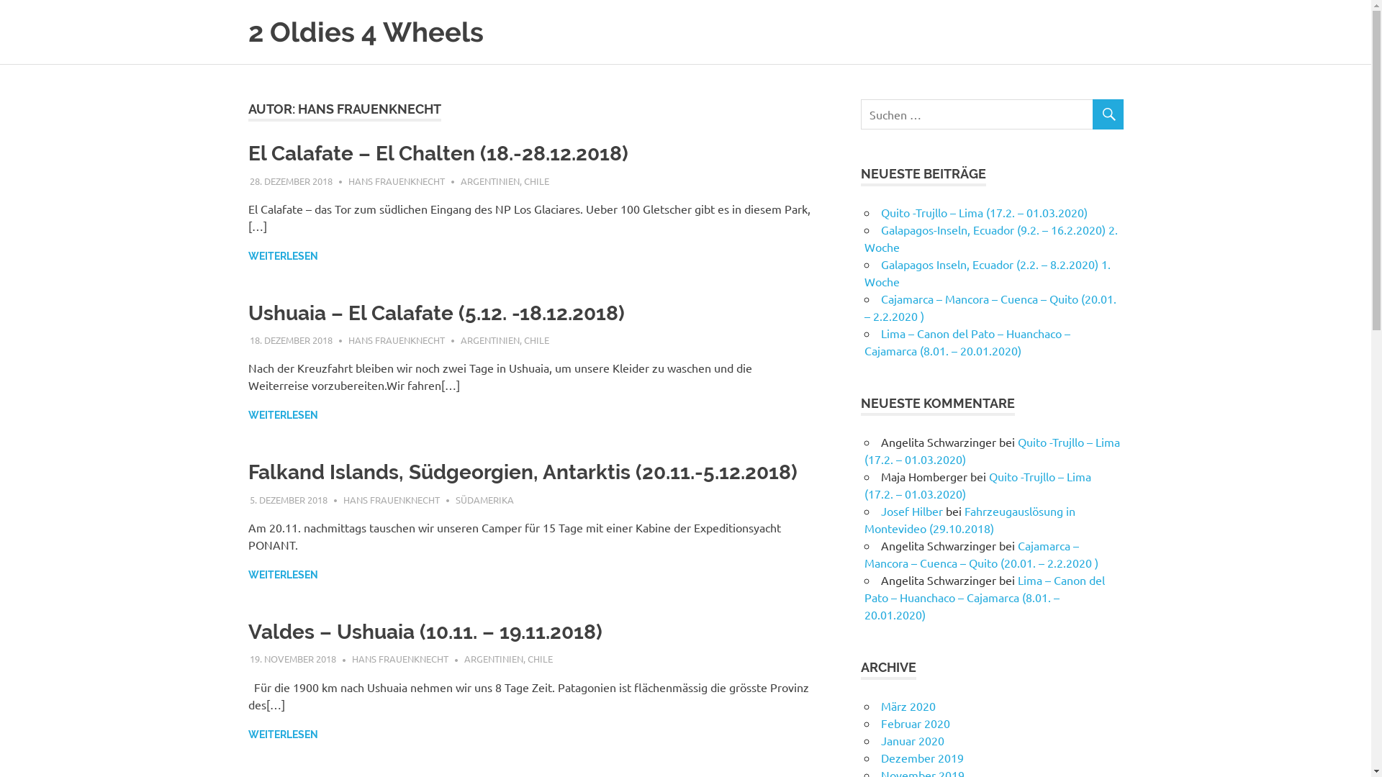  What do you see at coordinates (915, 723) in the screenshot?
I see `'Februar 2020'` at bounding box center [915, 723].